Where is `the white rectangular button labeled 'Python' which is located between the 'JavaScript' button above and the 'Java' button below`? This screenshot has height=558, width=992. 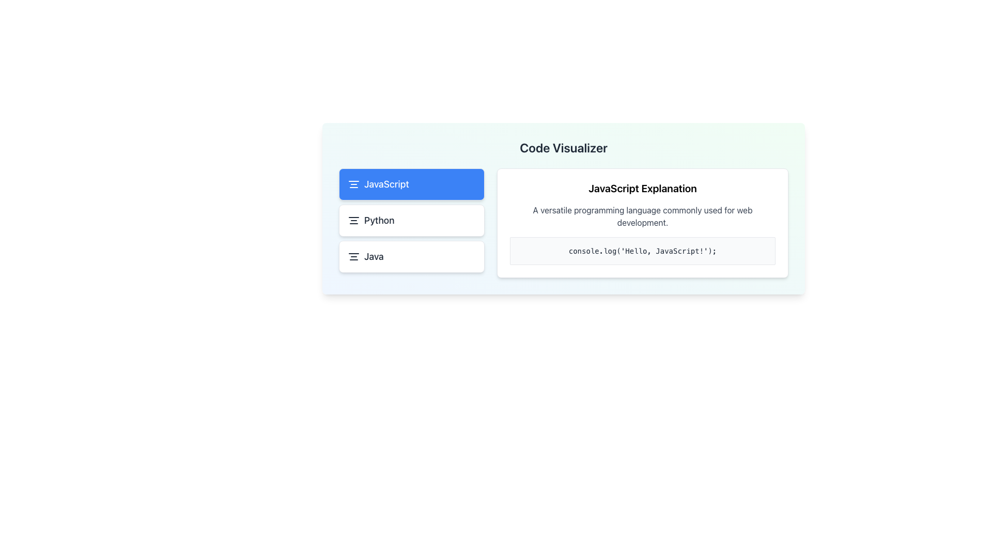
the white rectangular button labeled 'Python' which is located between the 'JavaScript' button above and the 'Java' button below is located at coordinates (411, 220).